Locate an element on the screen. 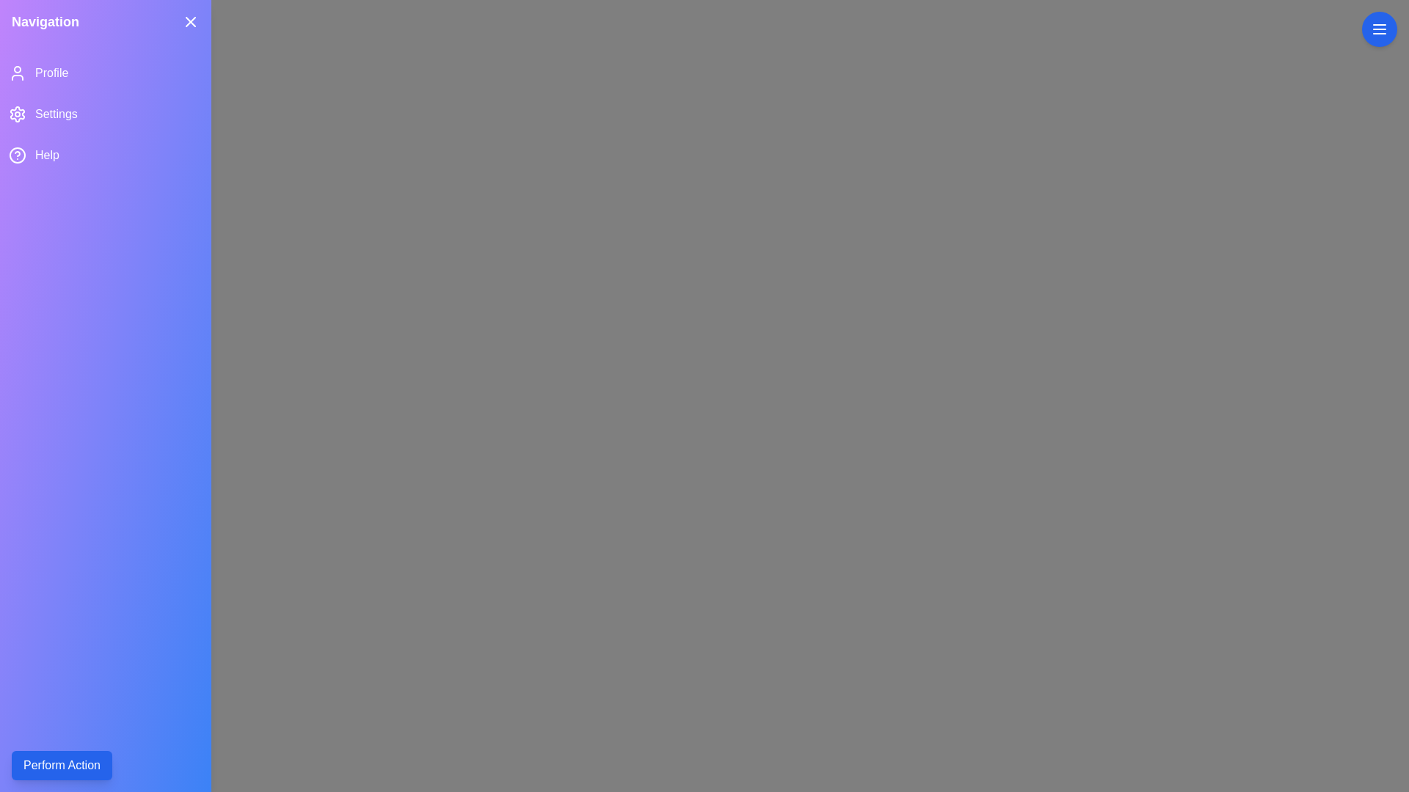 This screenshot has width=1409, height=792. the circular help icon, which is the left-most icon under the 'Profile' and 'Settings' sections in the navigation area is located at coordinates (18, 155).